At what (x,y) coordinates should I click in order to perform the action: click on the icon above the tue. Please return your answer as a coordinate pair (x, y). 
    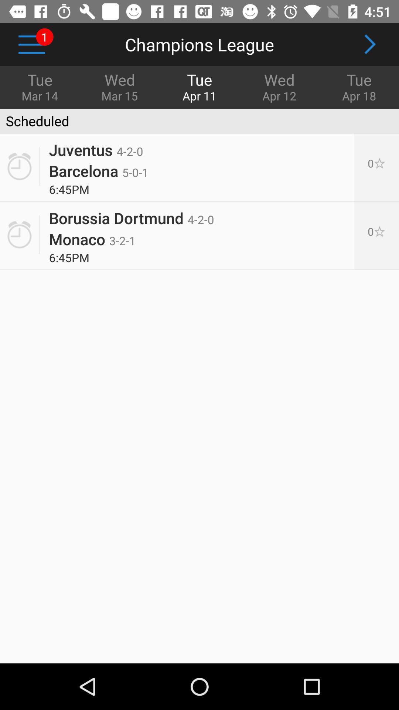
    Looking at the image, I should click on (369, 44).